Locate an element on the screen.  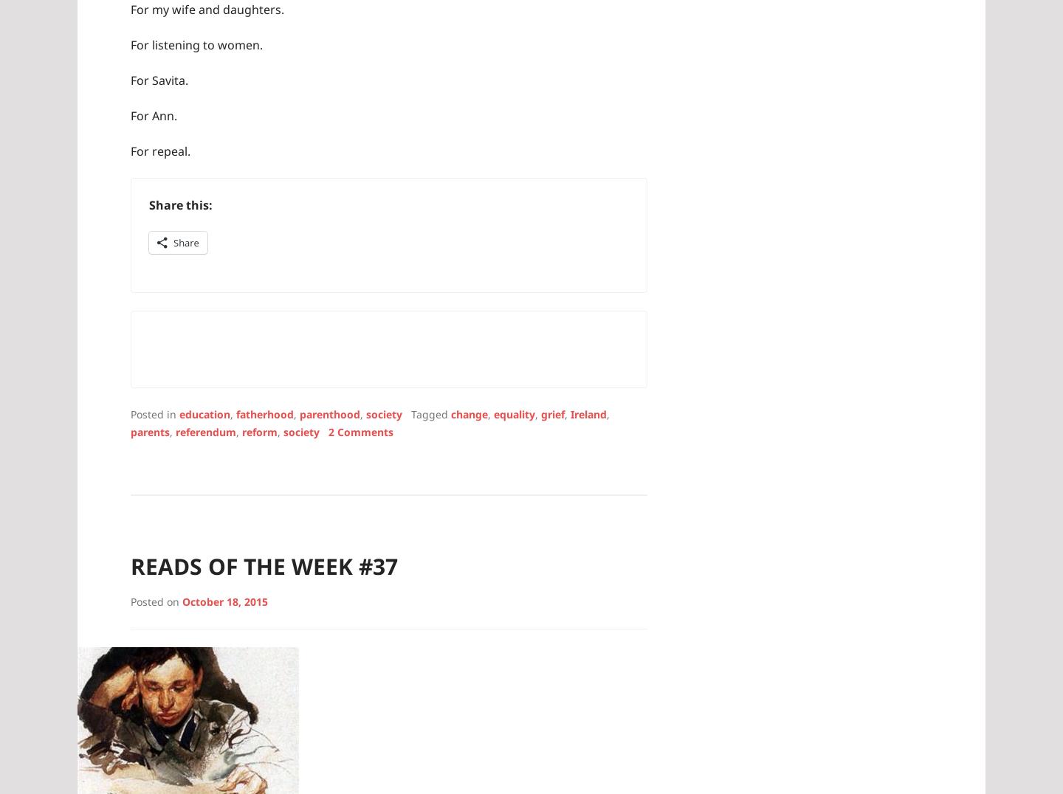
'grief' is located at coordinates (551, 412).